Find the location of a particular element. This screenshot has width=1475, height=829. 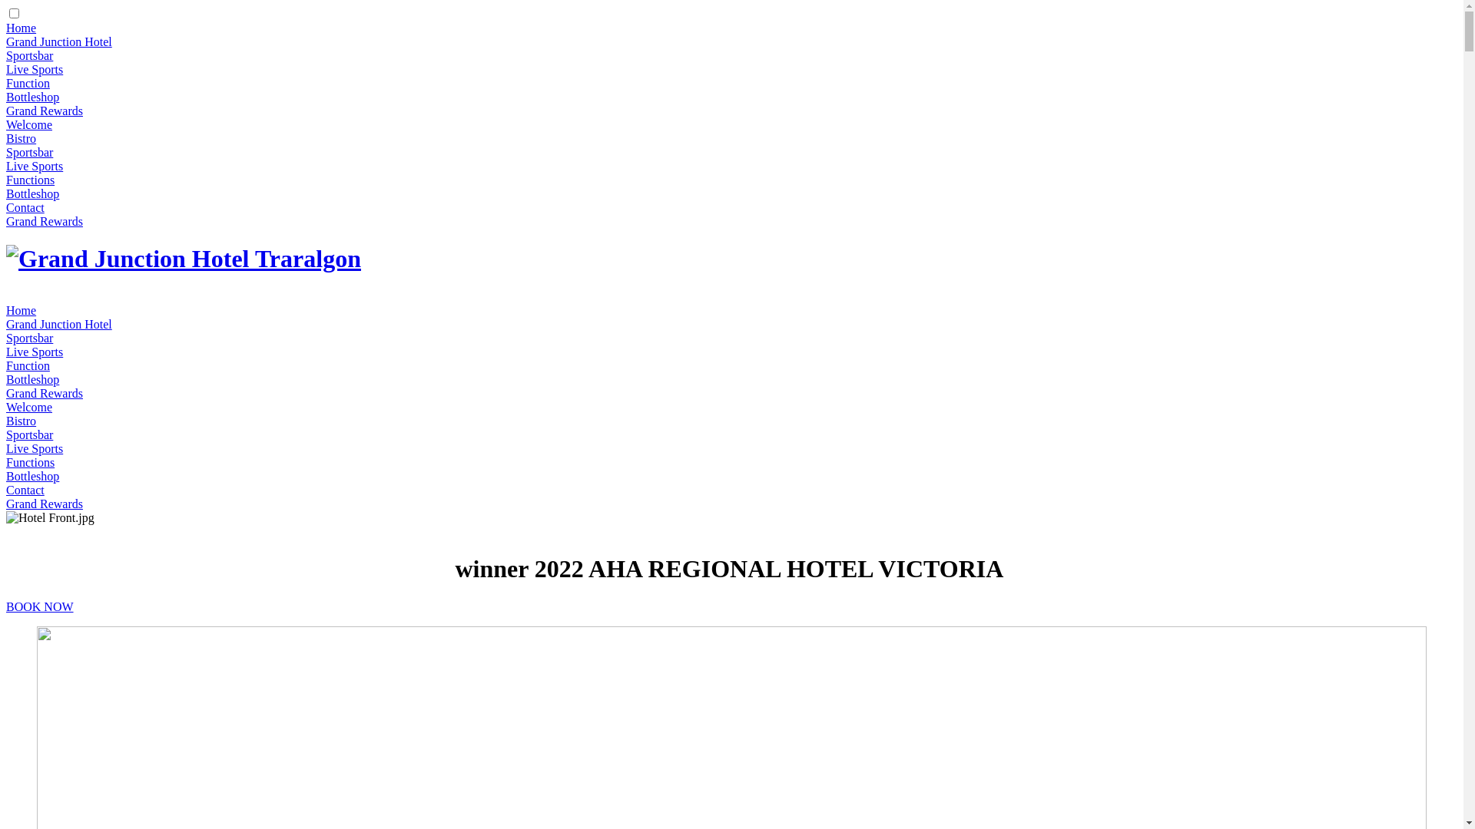

'Live Sports' is located at coordinates (34, 448).